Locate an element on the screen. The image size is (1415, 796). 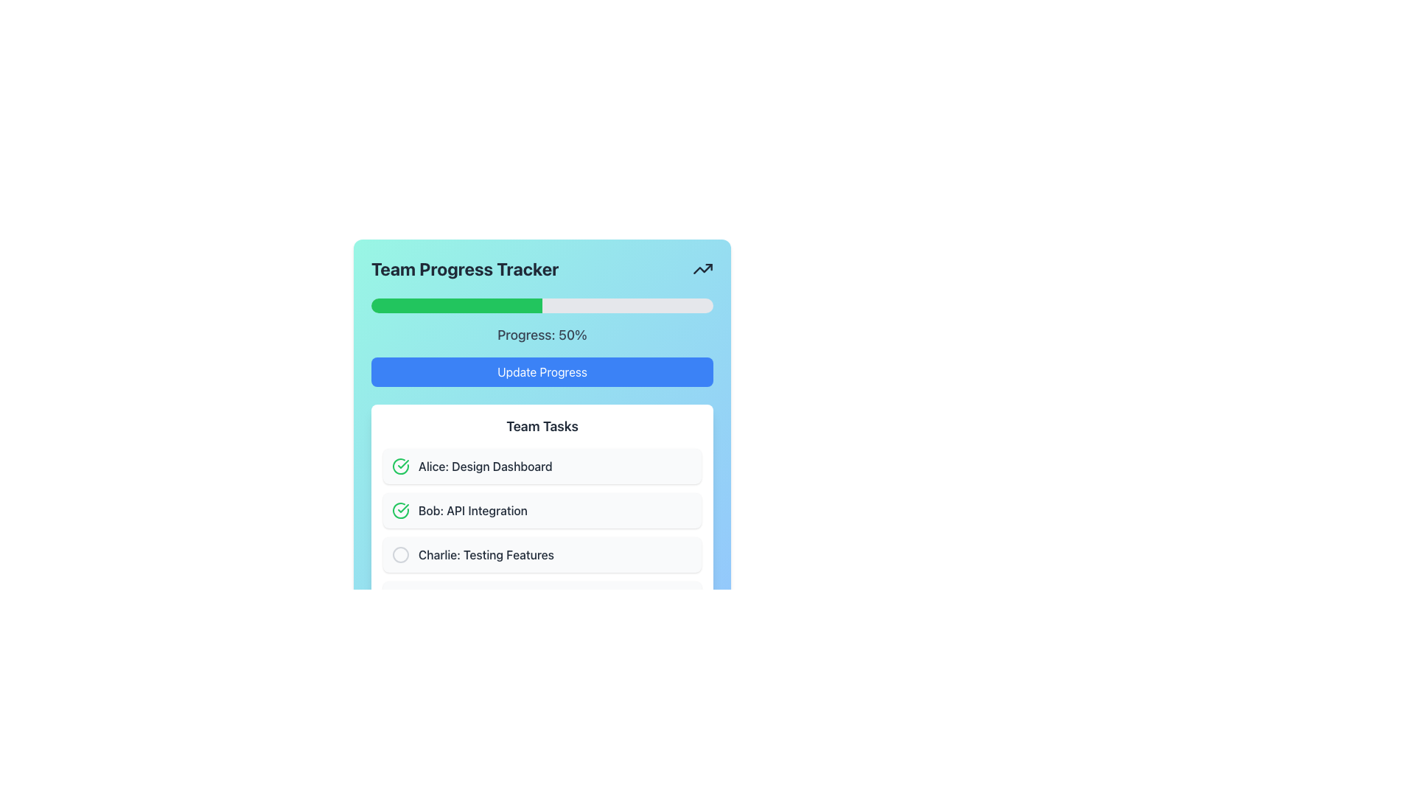
the white card containing the 'Team Tasks' title and task entries, located at the bottom half of the 'Team Progress Tracker' card is located at coordinates (541, 516).